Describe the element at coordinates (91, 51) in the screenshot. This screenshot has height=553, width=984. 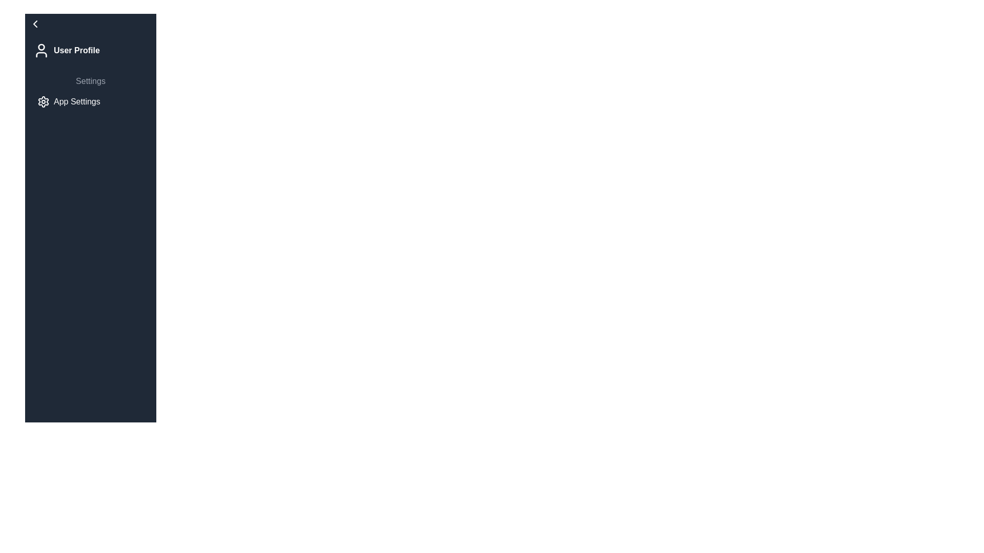
I see `the first menu item in the vertical navigation menu` at that location.